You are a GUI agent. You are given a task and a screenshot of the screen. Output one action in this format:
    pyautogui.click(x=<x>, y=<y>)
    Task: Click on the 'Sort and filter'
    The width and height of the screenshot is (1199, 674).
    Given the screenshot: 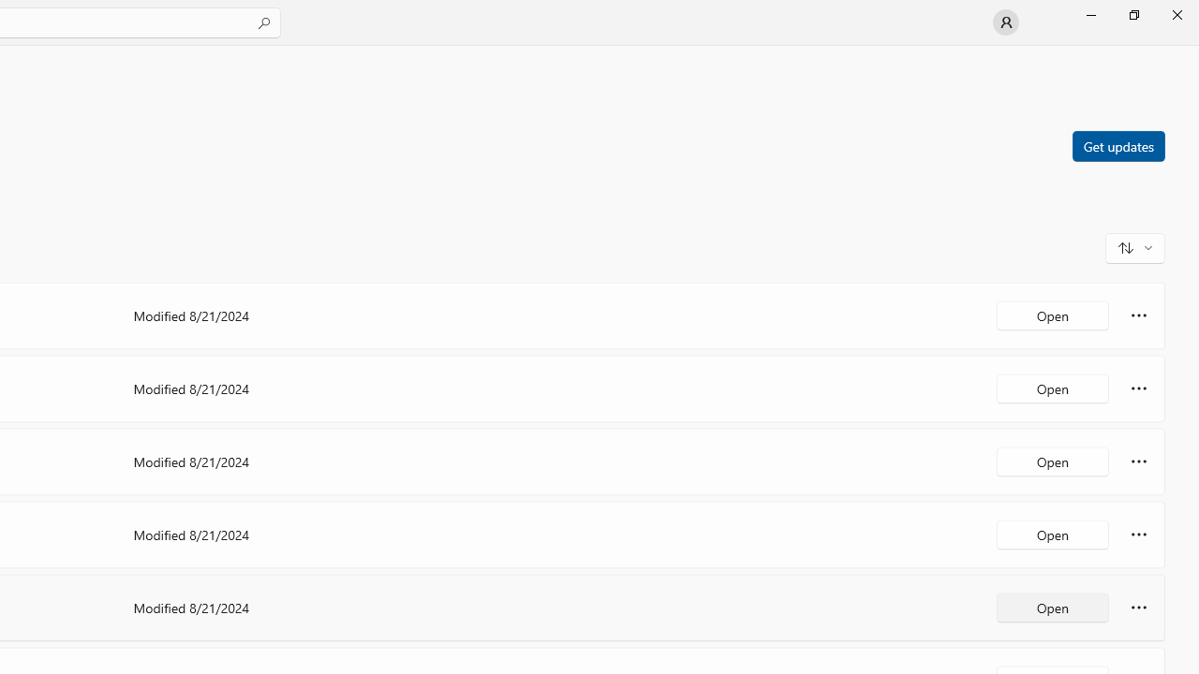 What is the action you would take?
    pyautogui.click(x=1134, y=246)
    